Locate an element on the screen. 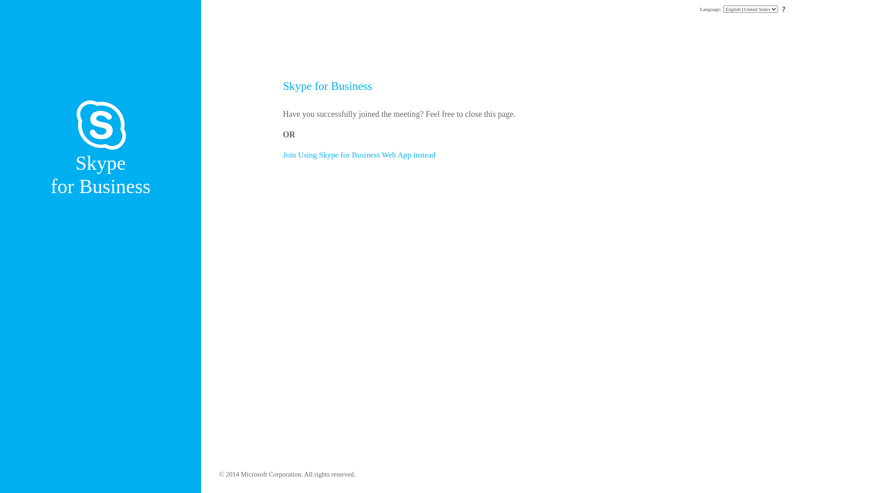 Image resolution: width=876 pixels, height=493 pixels. 'Online Help' is located at coordinates (783, 9).